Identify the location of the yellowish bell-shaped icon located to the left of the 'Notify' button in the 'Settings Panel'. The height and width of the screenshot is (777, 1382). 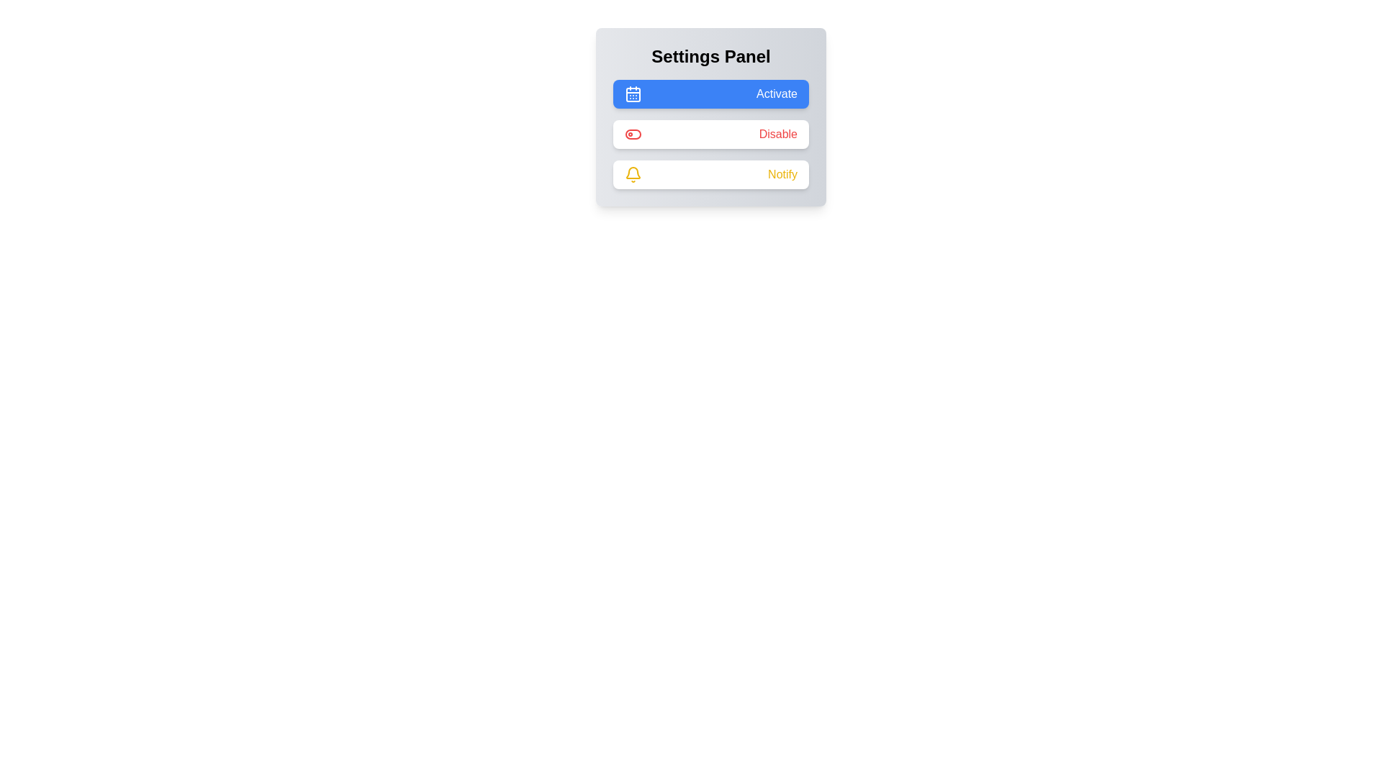
(633, 174).